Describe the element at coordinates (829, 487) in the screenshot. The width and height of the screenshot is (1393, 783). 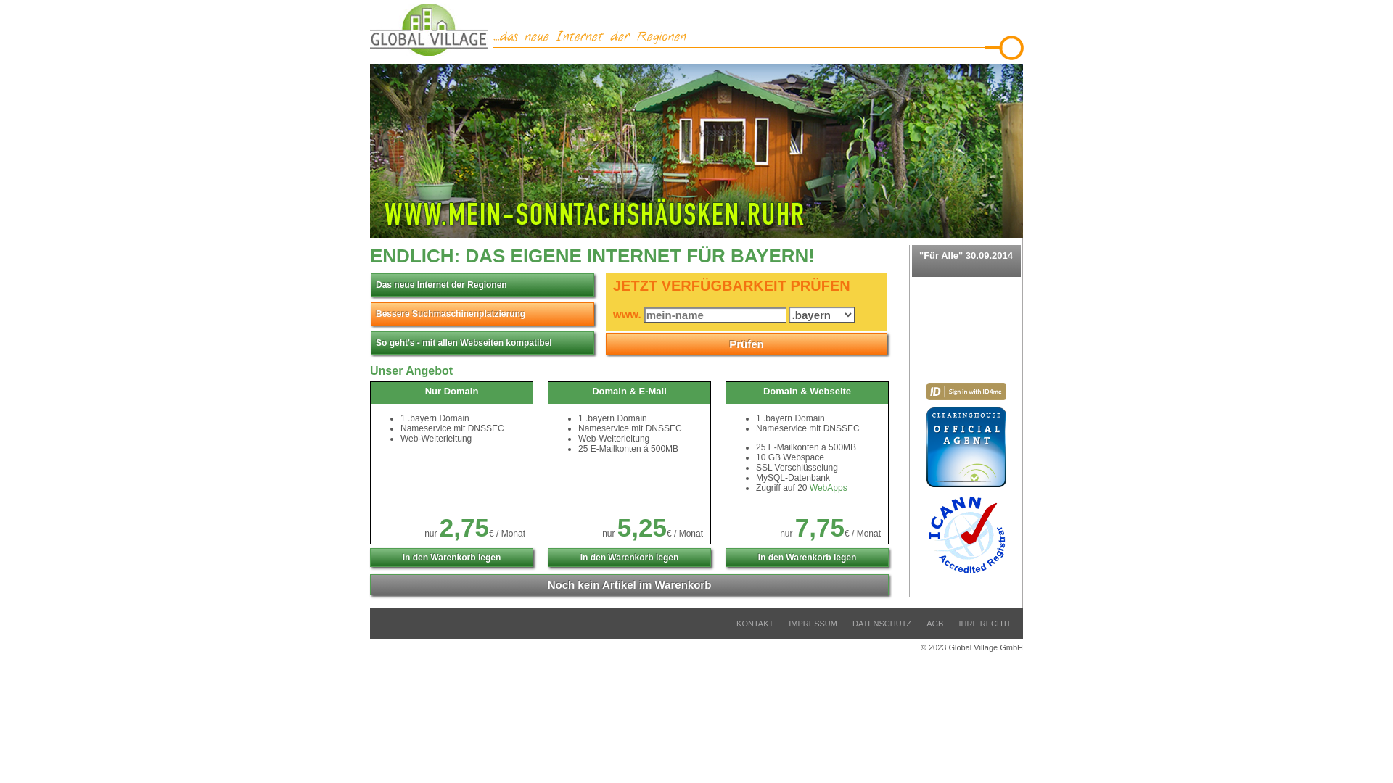
I see `'WebApps'` at that location.